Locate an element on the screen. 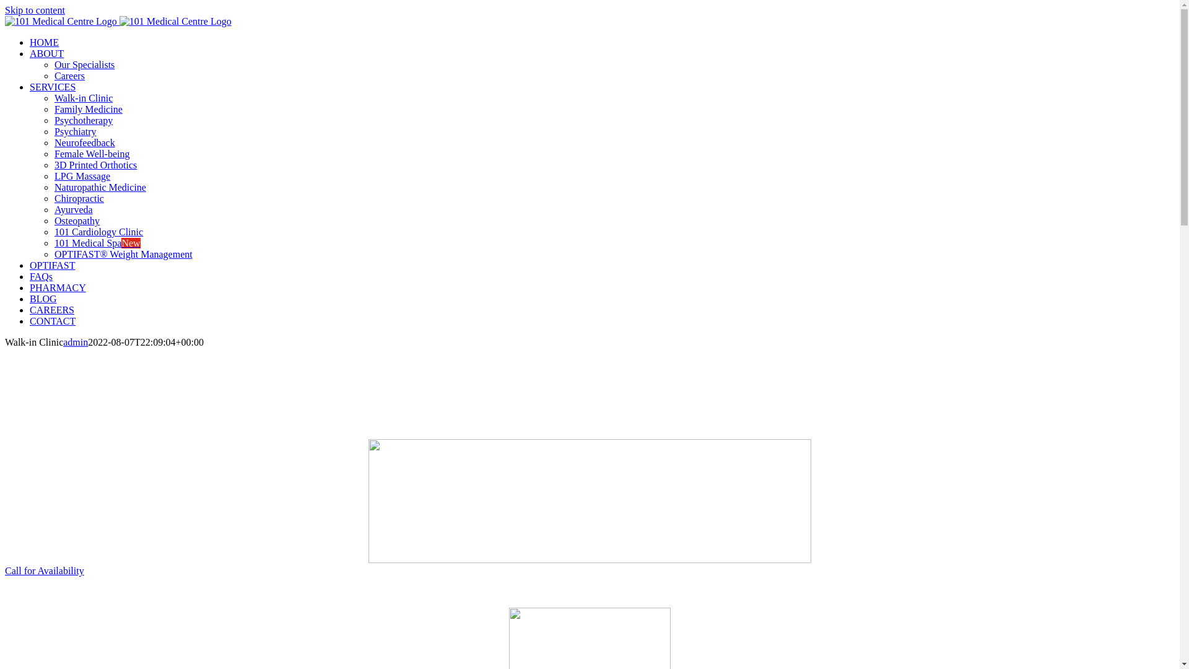 The height and width of the screenshot is (669, 1189). 'Walk-in Clinic' is located at coordinates (82, 97).